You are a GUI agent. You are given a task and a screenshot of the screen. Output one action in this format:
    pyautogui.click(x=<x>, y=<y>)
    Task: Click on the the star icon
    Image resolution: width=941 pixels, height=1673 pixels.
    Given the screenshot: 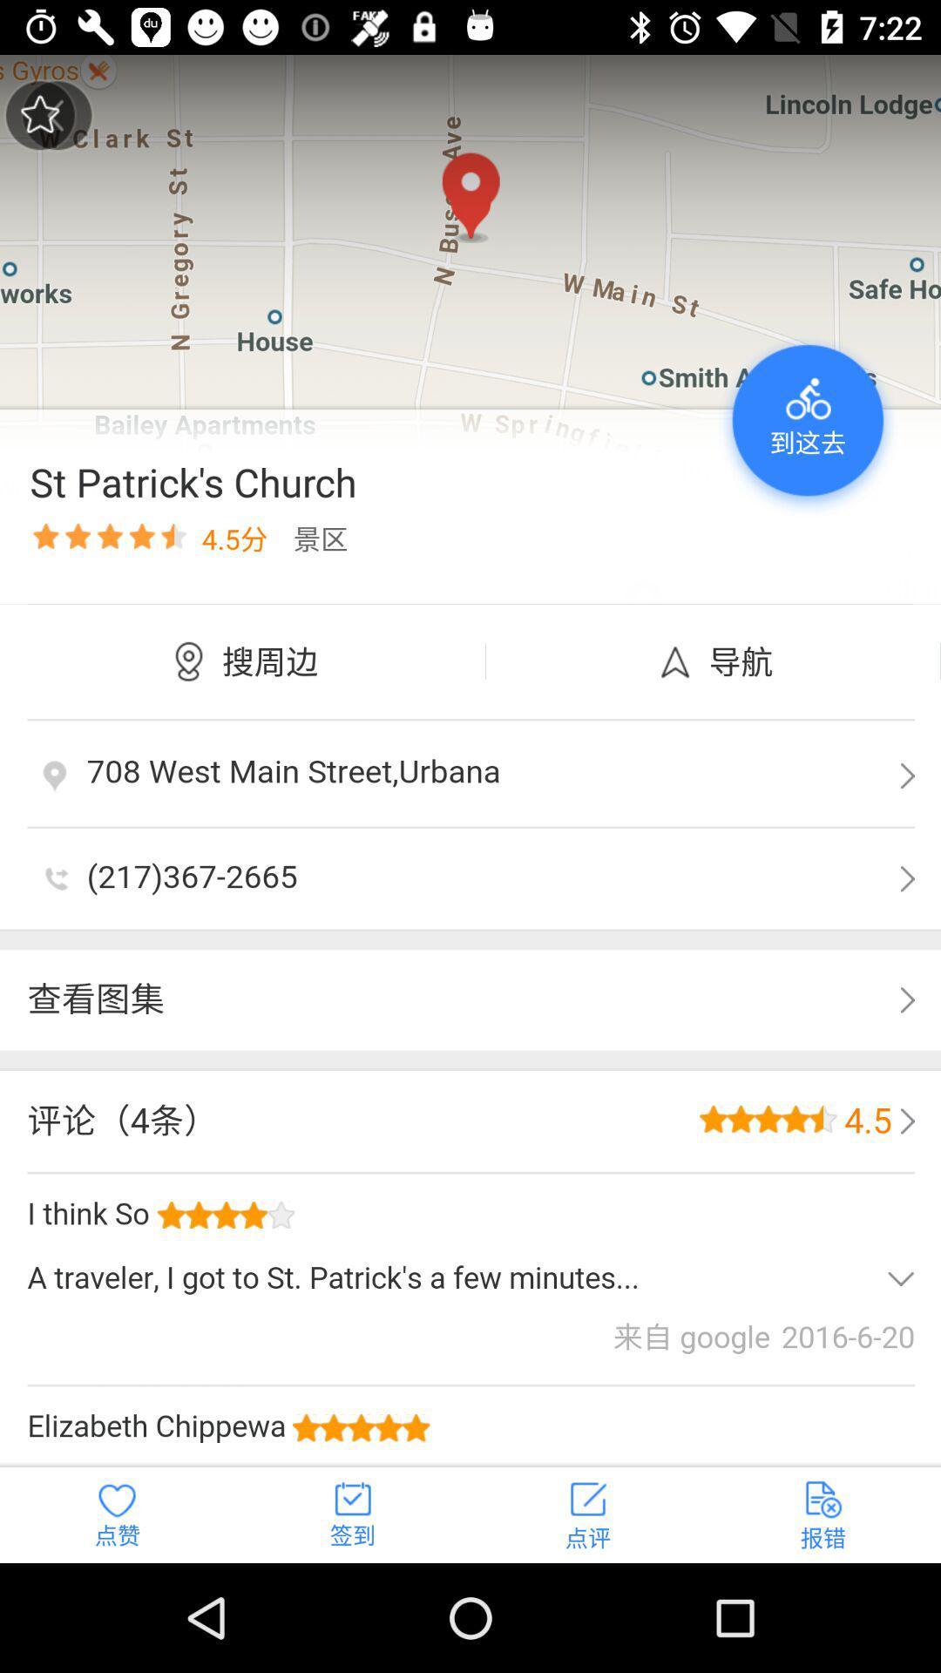 What is the action you would take?
    pyautogui.click(x=39, y=114)
    